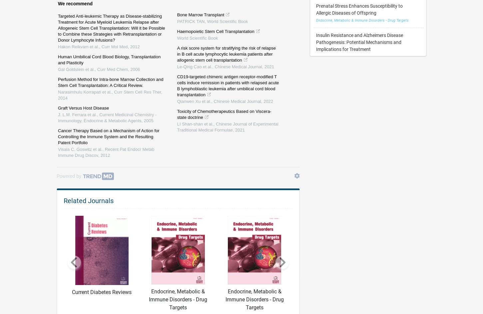 This screenshot has width=483, height=314. I want to click on 'Current Alzheimer Research', so click(316, 261).